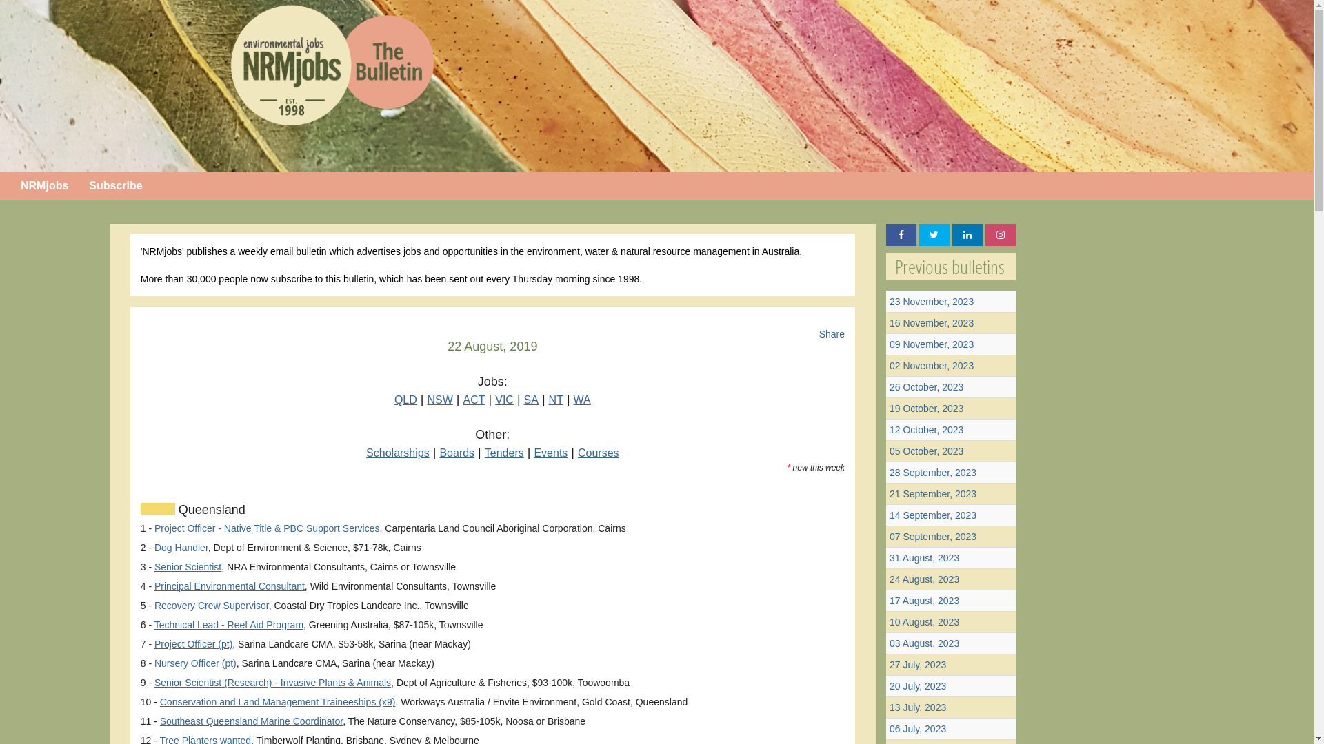 The height and width of the screenshot is (744, 1324). What do you see at coordinates (154, 566) in the screenshot?
I see `'Senior Scientist'` at bounding box center [154, 566].